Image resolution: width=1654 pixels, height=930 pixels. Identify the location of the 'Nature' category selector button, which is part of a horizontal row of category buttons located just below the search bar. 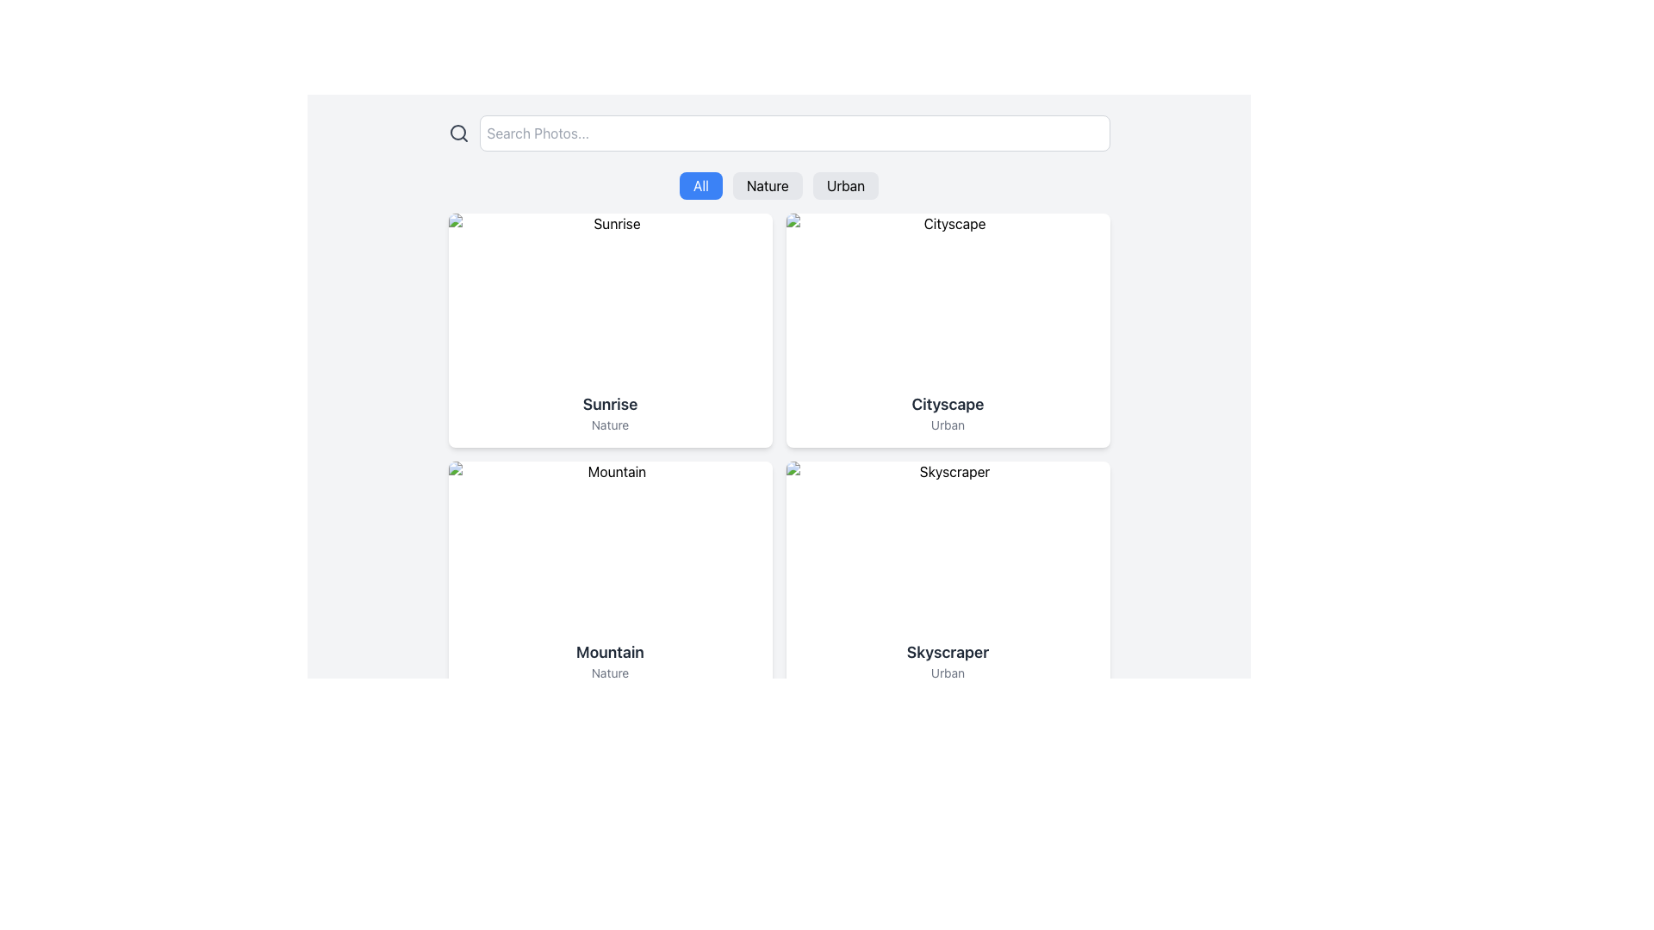
(778, 186).